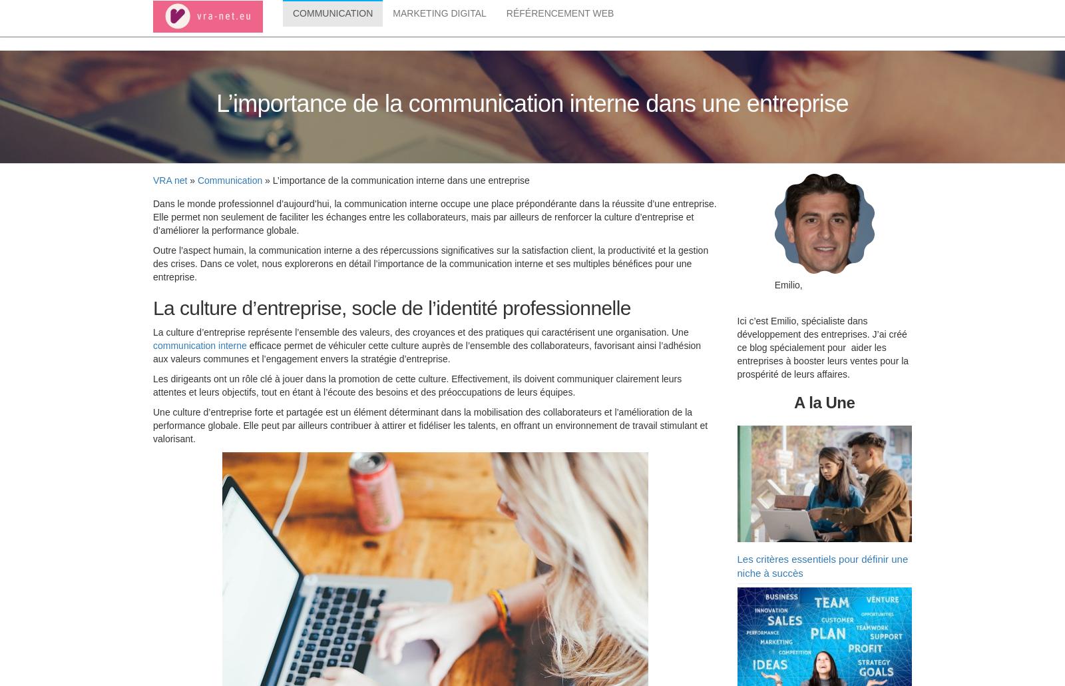 The width and height of the screenshot is (1065, 686). Describe the element at coordinates (532, 105) in the screenshot. I see `'L’importance de la communication interne dans une entreprise'` at that location.